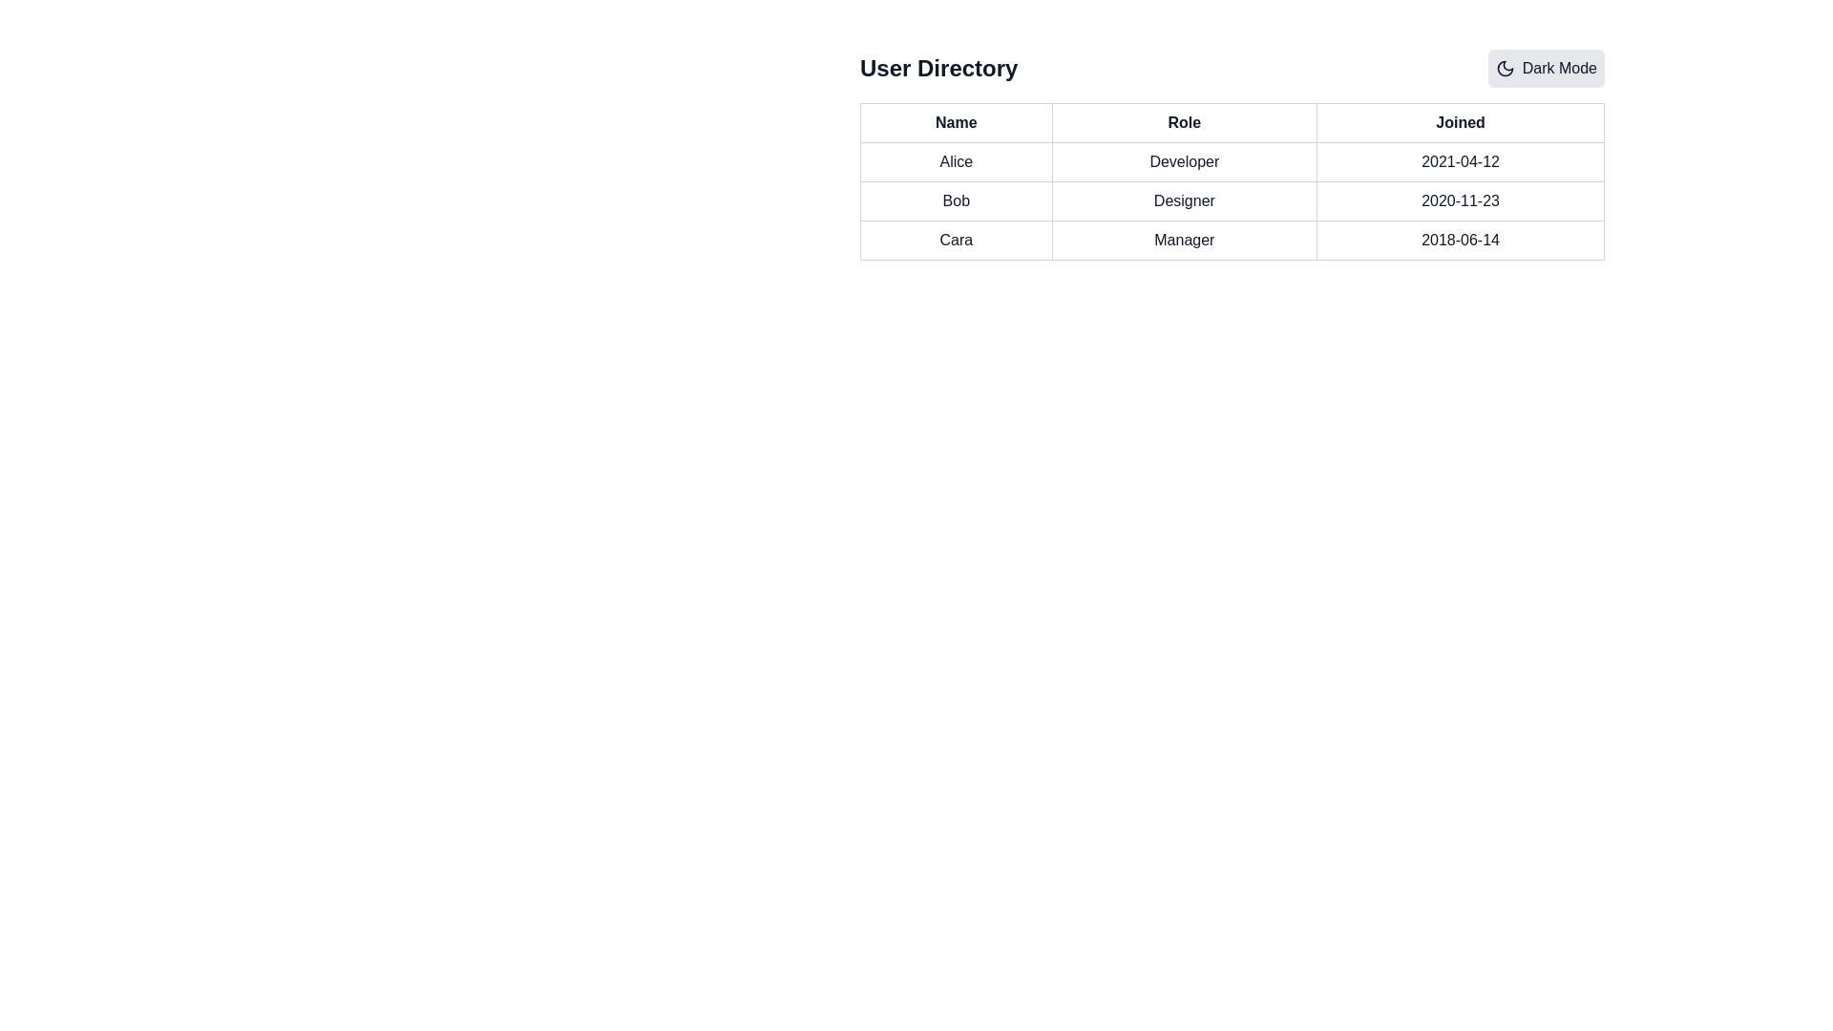 Image resolution: width=1833 pixels, height=1031 pixels. What do you see at coordinates (938, 68) in the screenshot?
I see `the 'User Directory' text label, which is displayed in a large, bold font and serves as a title for the adjacent content` at bounding box center [938, 68].